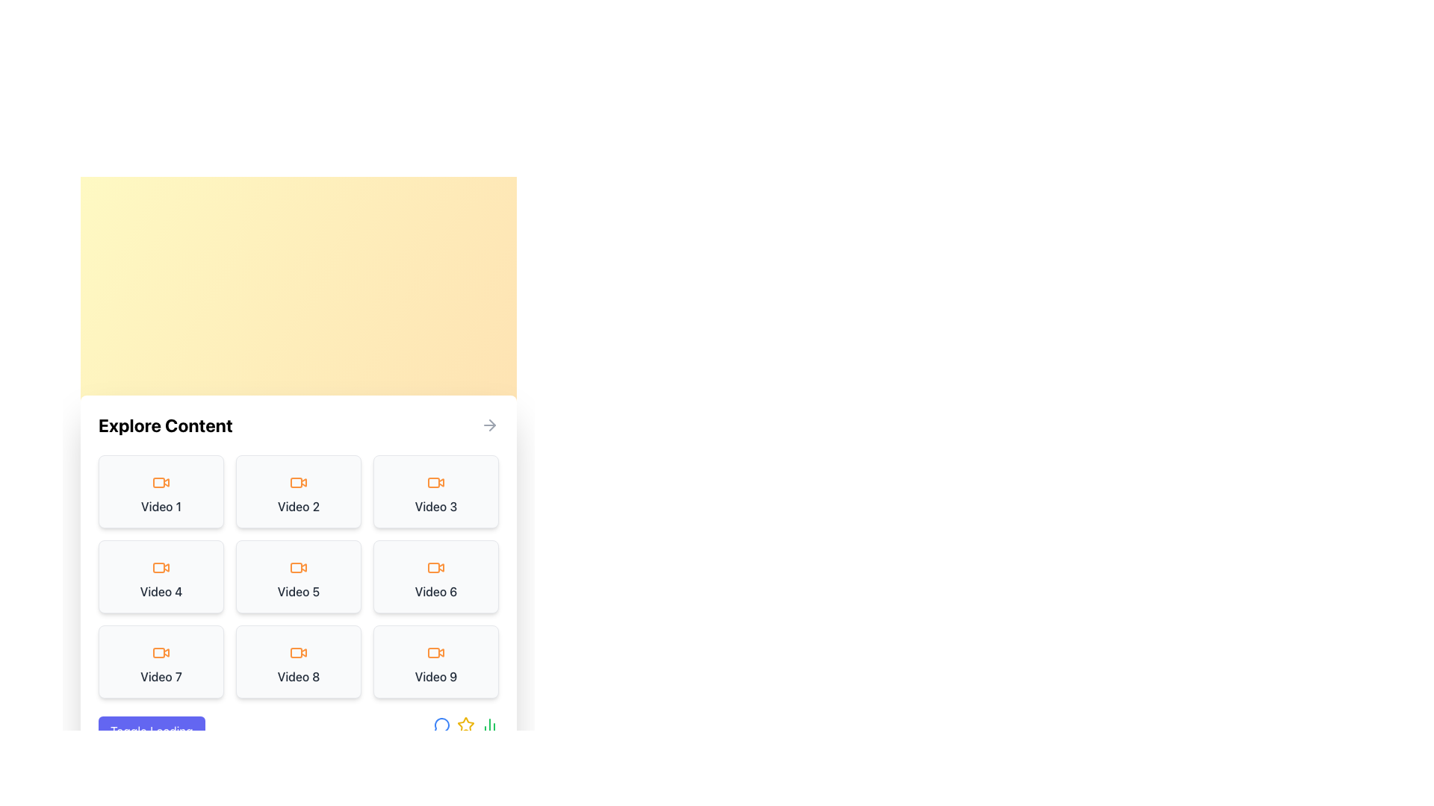  Describe the element at coordinates (440, 652) in the screenshot. I see `the video icon in the 'Video 9' tile located at the bottom-right corner of the grid under the 'Explore Content' header` at that location.